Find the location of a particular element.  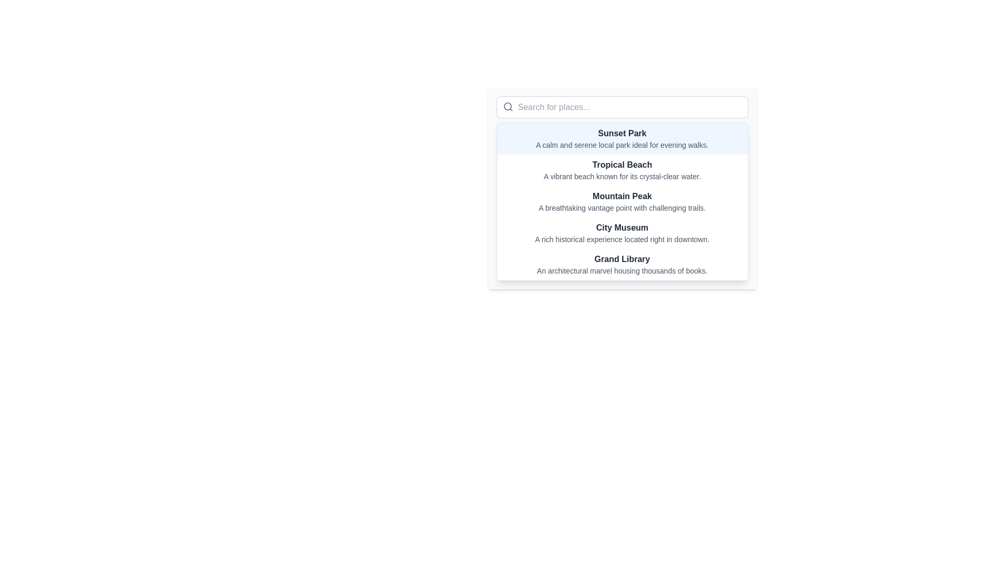

the text block that provides information about 'Mountain Peak' located in the list between 'Tropical Beach' and 'City Museum' is located at coordinates (622, 202).